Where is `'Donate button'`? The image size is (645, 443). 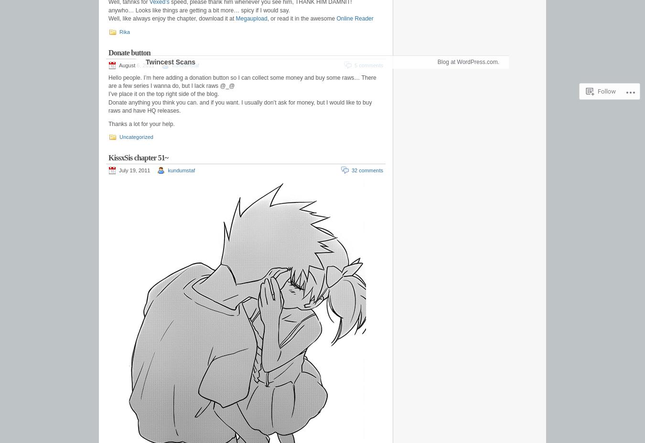
'Donate button' is located at coordinates (107, 52).